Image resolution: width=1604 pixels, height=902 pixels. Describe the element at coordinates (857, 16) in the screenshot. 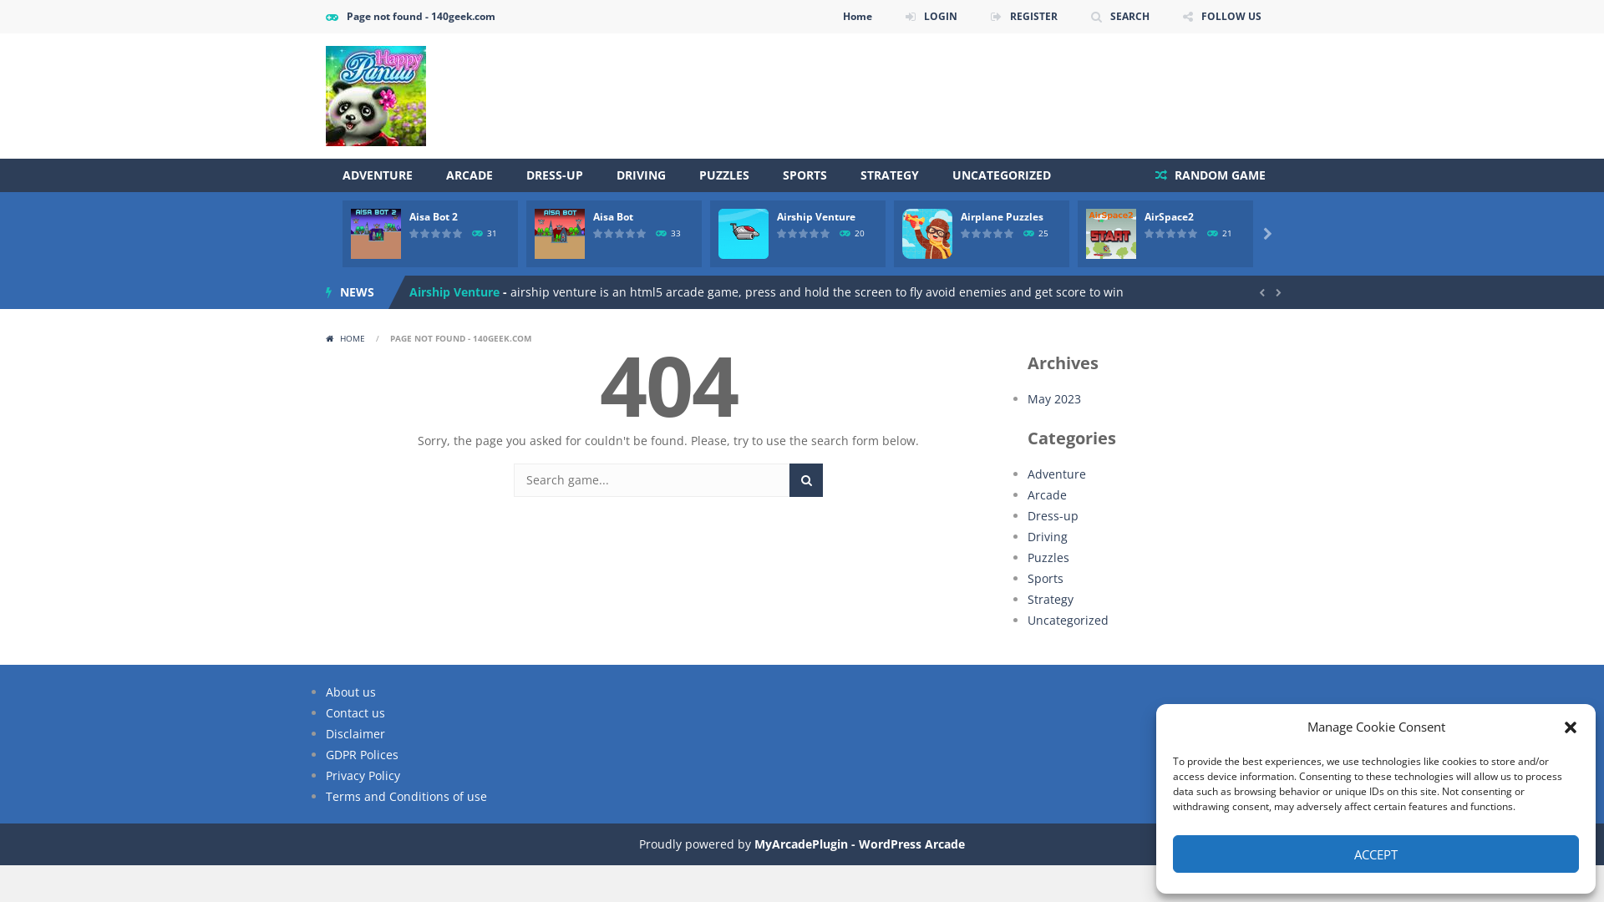

I see `'Home'` at that location.